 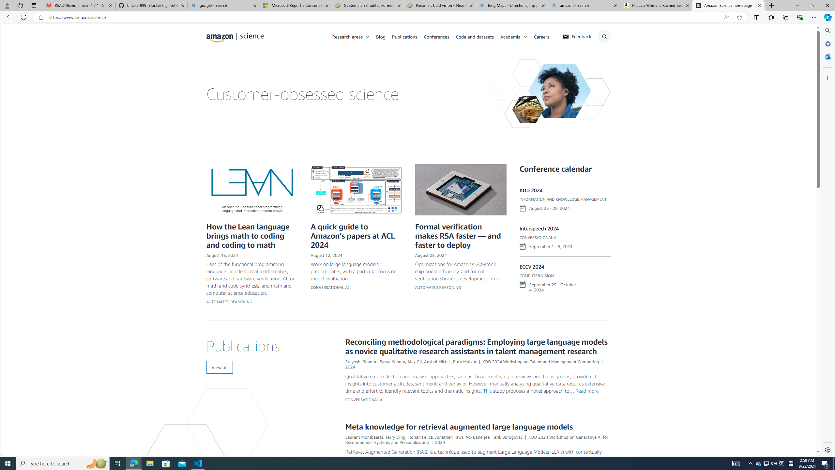 I want to click on 'Class: chevron', so click(x=525, y=38).